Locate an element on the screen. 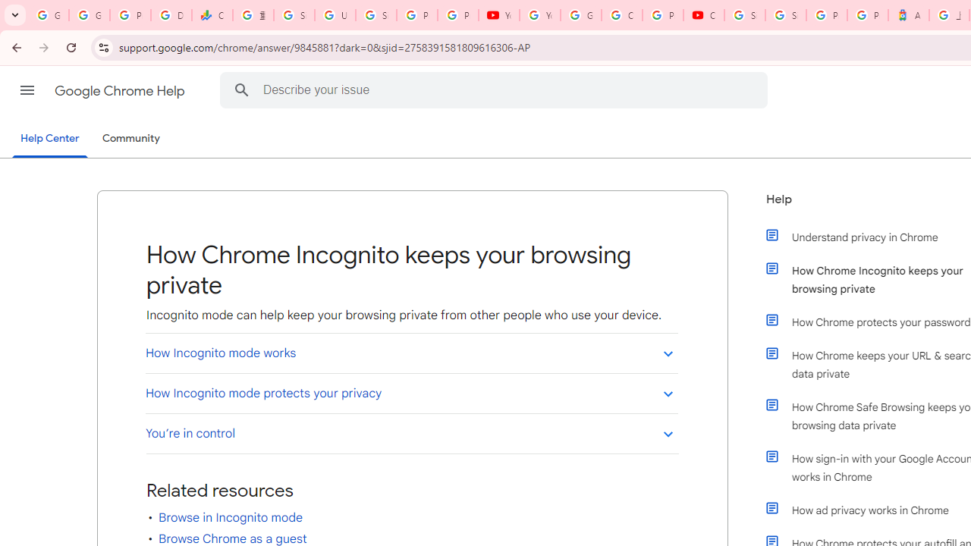  'Google Account Help' is located at coordinates (580, 15).